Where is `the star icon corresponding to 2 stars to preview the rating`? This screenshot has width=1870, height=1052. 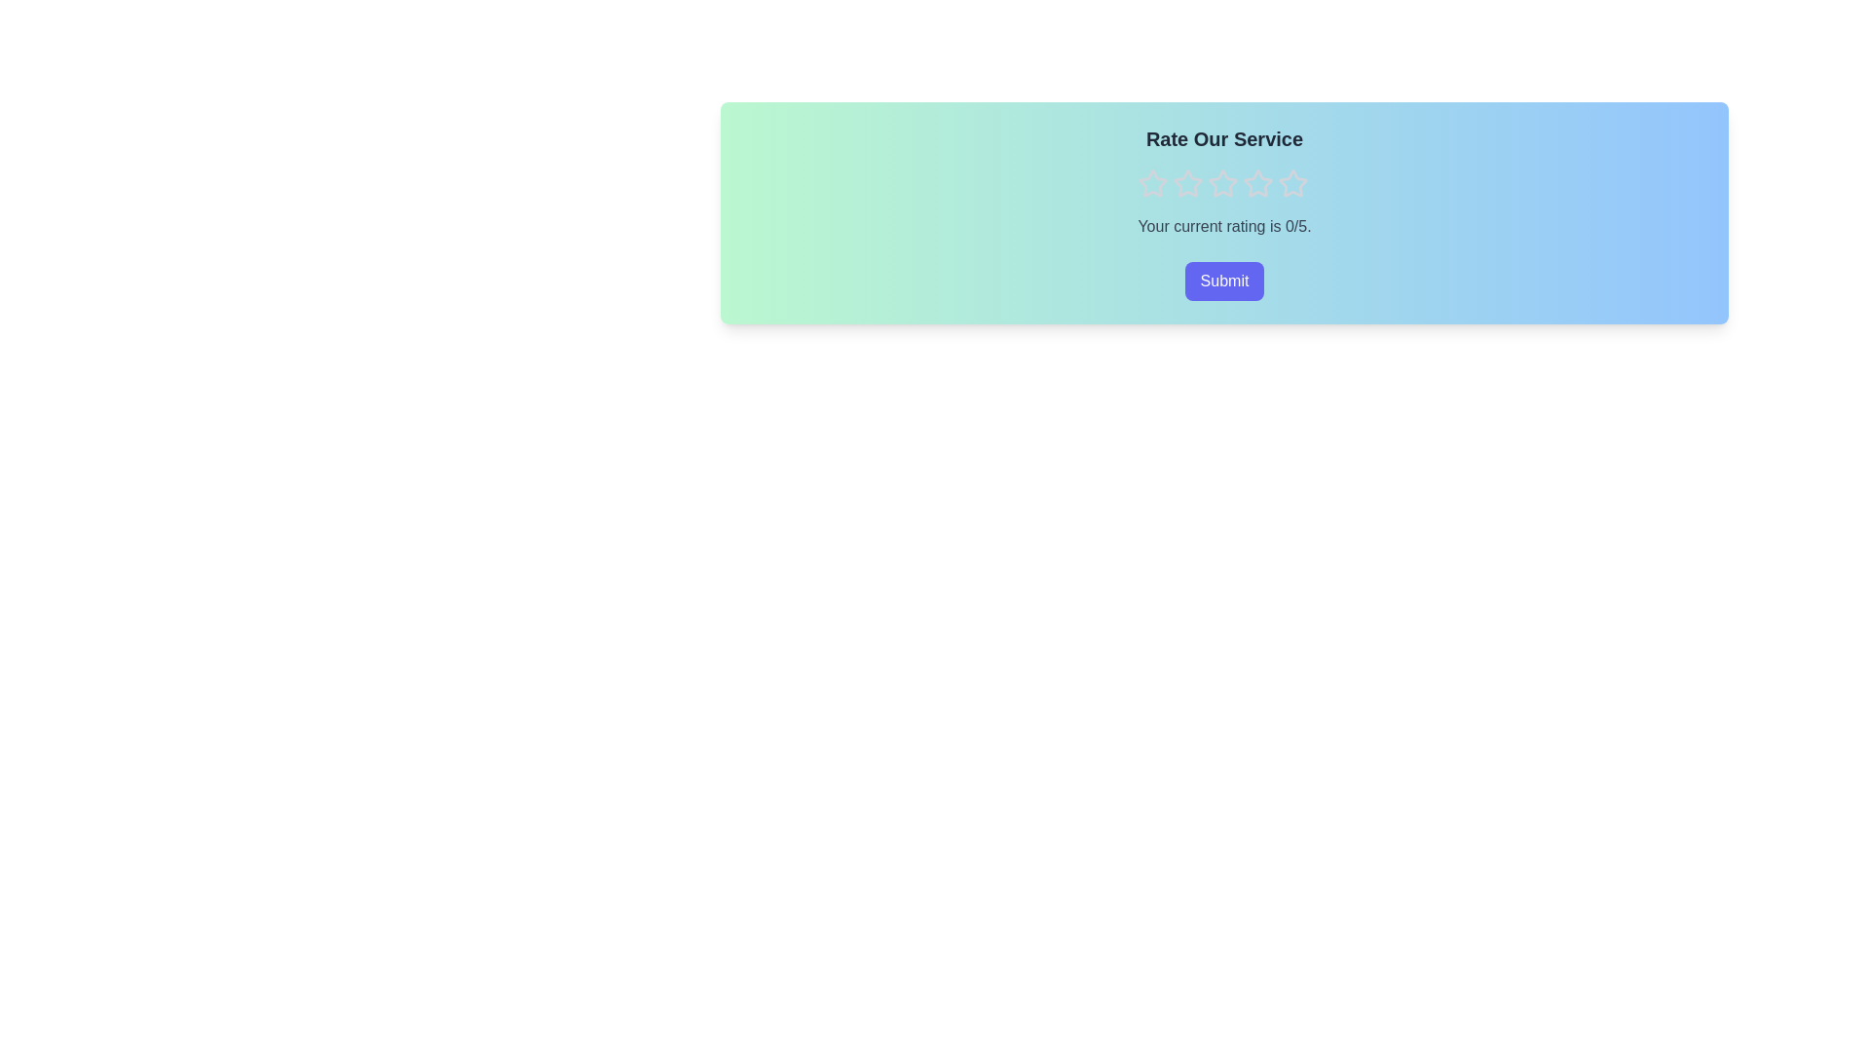 the star icon corresponding to 2 stars to preview the rating is located at coordinates (1186, 184).